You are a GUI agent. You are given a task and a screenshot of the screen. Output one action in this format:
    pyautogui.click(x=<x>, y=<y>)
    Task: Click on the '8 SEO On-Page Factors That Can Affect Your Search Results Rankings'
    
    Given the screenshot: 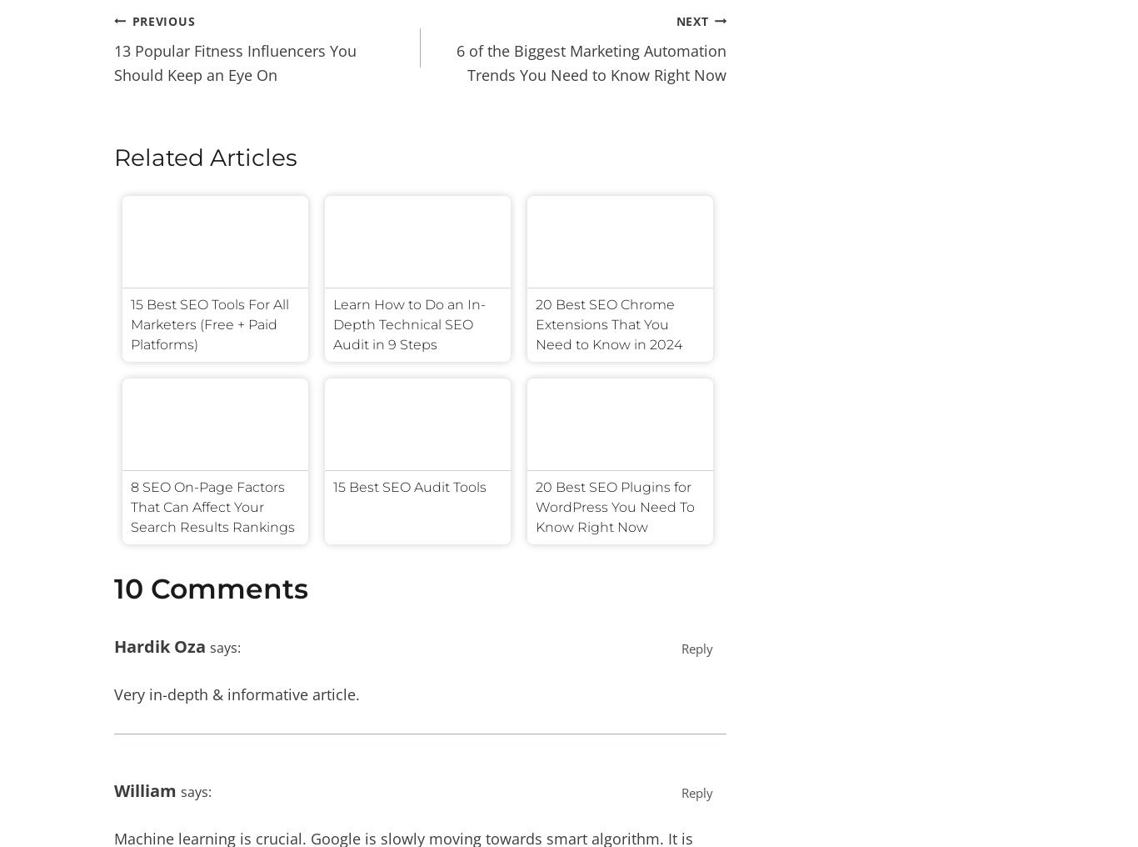 What is the action you would take?
    pyautogui.click(x=212, y=507)
    